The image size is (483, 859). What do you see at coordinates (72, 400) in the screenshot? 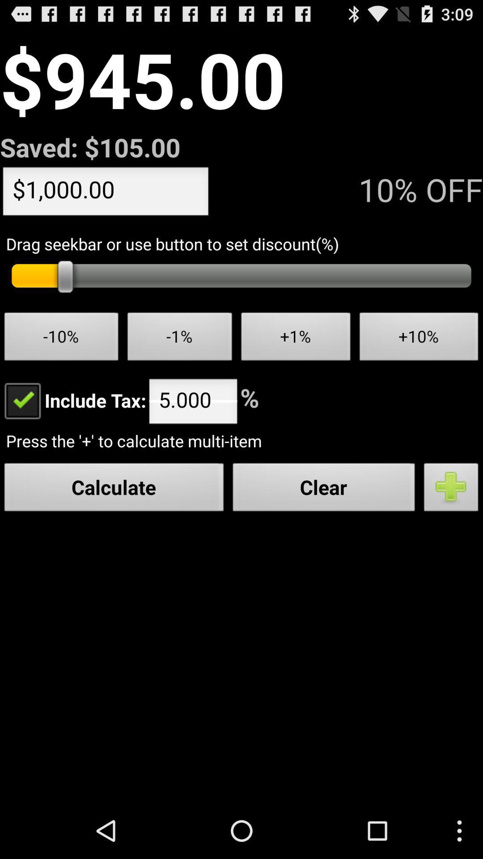
I see `the item to the left of 5.000` at bounding box center [72, 400].